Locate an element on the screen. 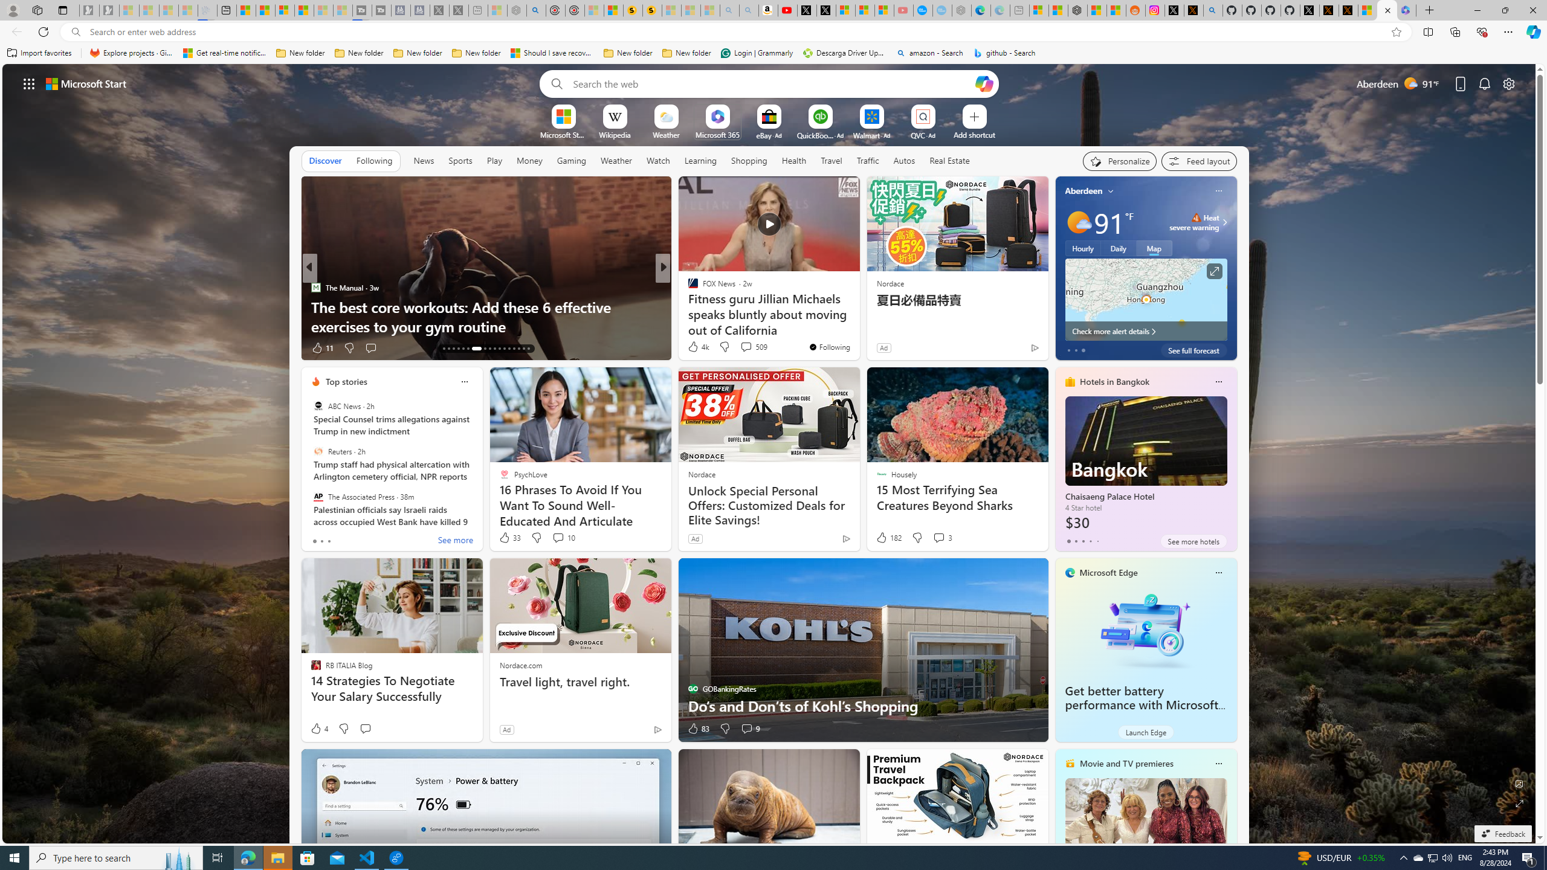  'Wikipedia' is located at coordinates (614, 134).